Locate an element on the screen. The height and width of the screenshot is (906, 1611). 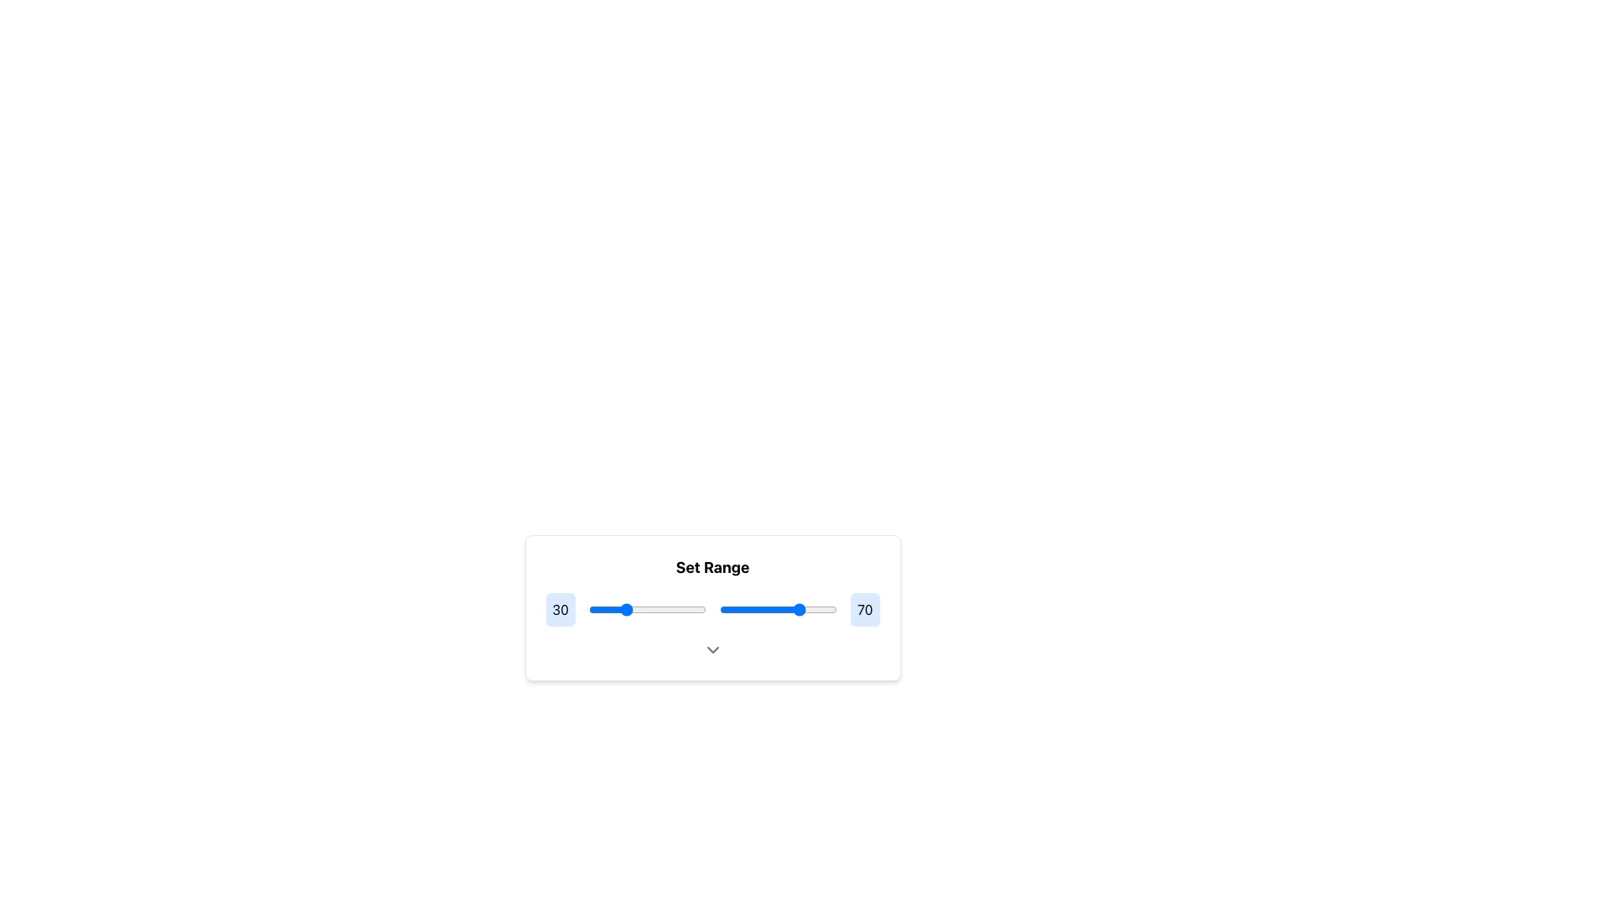
the start value of the range slider is located at coordinates (704, 609).